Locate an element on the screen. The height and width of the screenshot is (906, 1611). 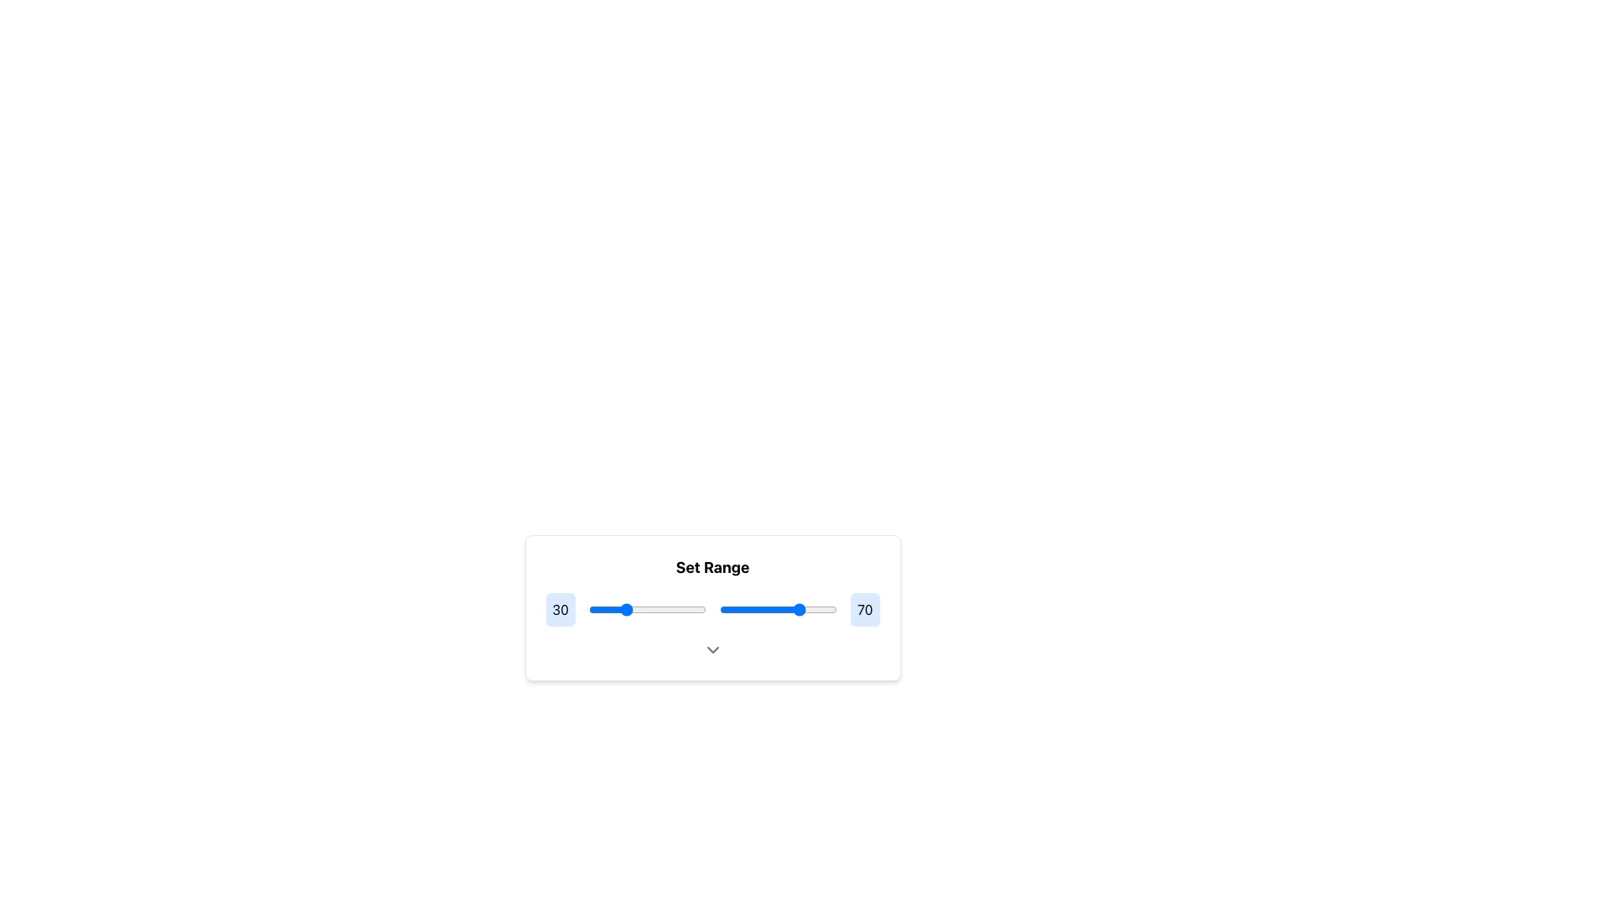
the start value of the range slider is located at coordinates (704, 609).